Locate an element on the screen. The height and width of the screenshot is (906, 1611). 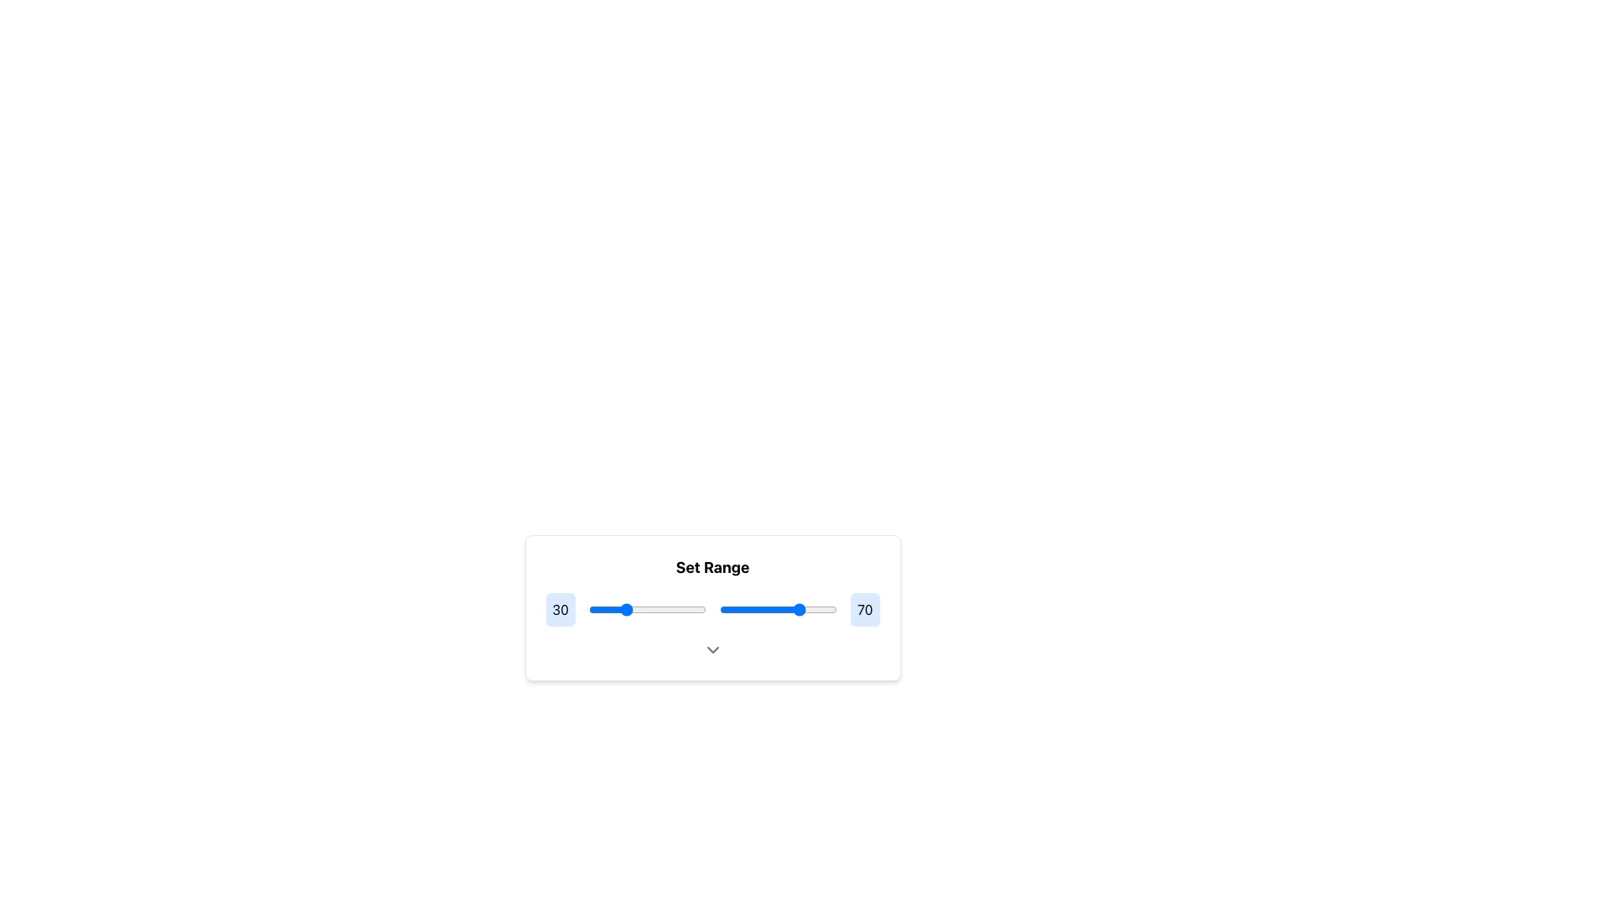
the start value of the range slider is located at coordinates (704, 609).